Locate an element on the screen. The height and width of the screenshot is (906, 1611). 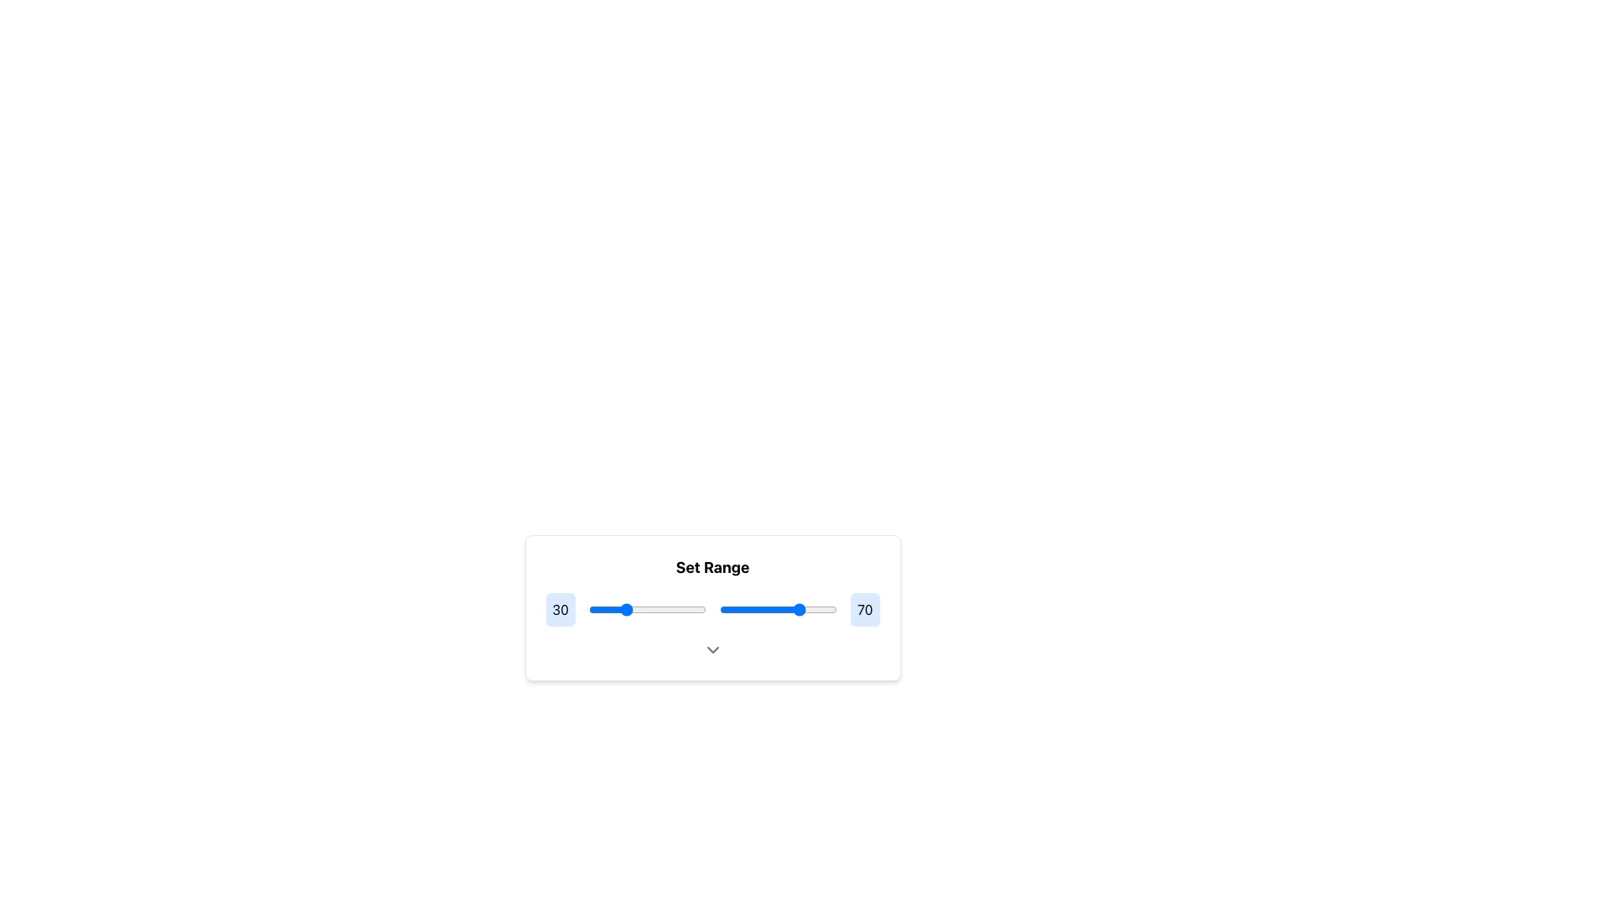
the start value of the range slider is located at coordinates (704, 609).